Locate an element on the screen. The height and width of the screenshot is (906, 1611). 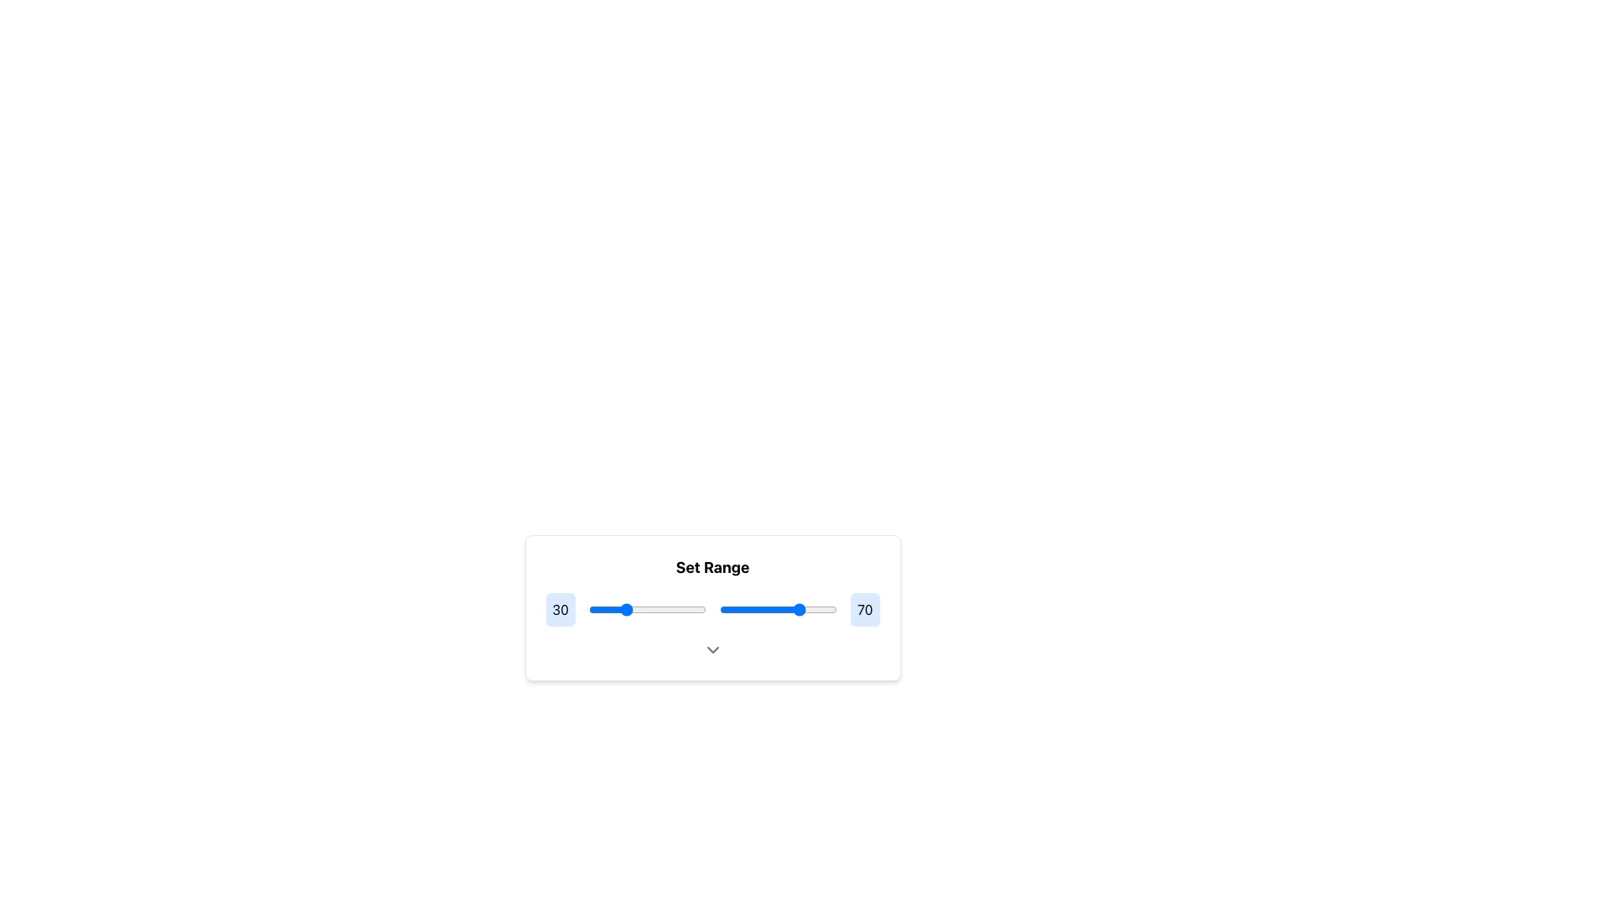
the start value of the range slider is located at coordinates (704, 609).